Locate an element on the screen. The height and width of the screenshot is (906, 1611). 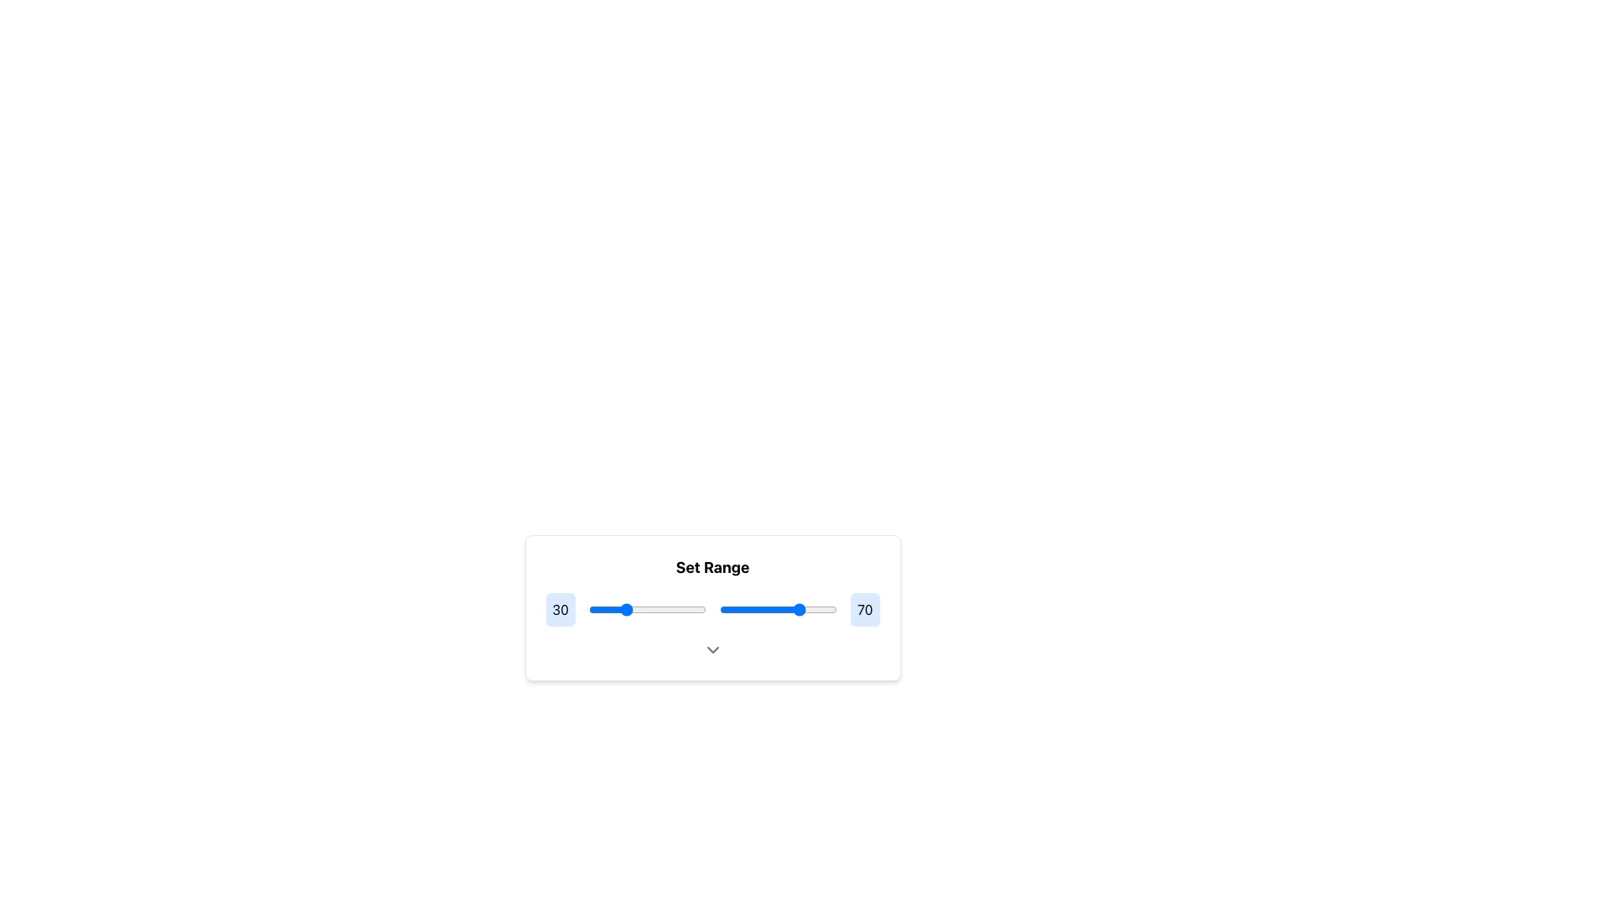
the start value of the range slider is located at coordinates (704, 609).